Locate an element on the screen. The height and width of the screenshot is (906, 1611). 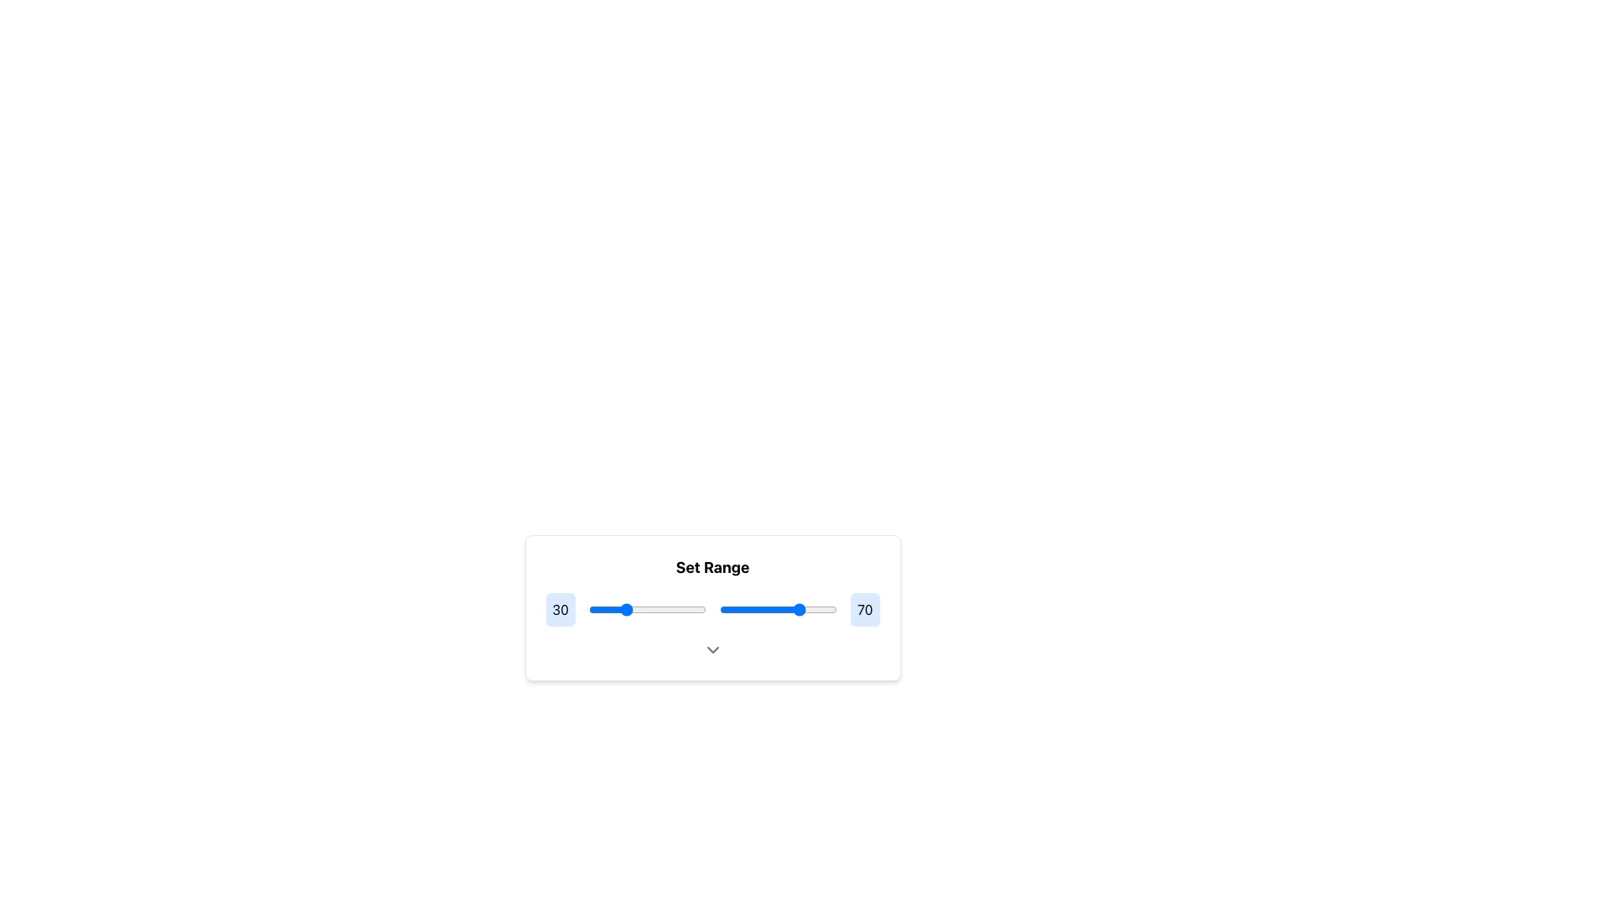
the start value of the range slider is located at coordinates (704, 609).